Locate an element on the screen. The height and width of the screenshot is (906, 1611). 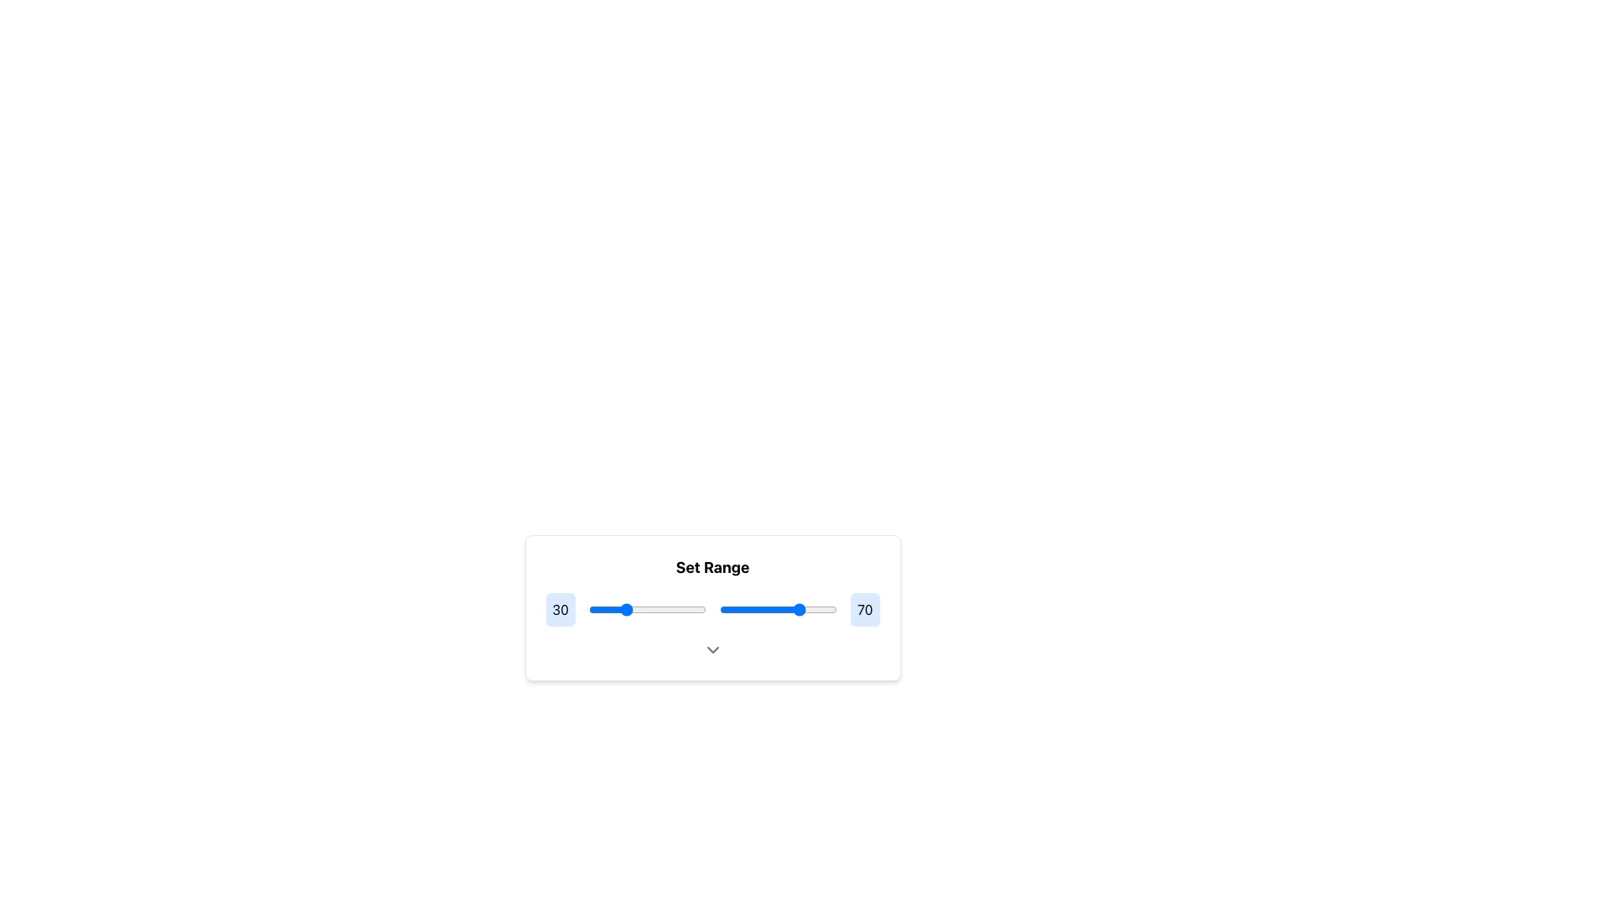
the start value of the range slider is located at coordinates (704, 609).